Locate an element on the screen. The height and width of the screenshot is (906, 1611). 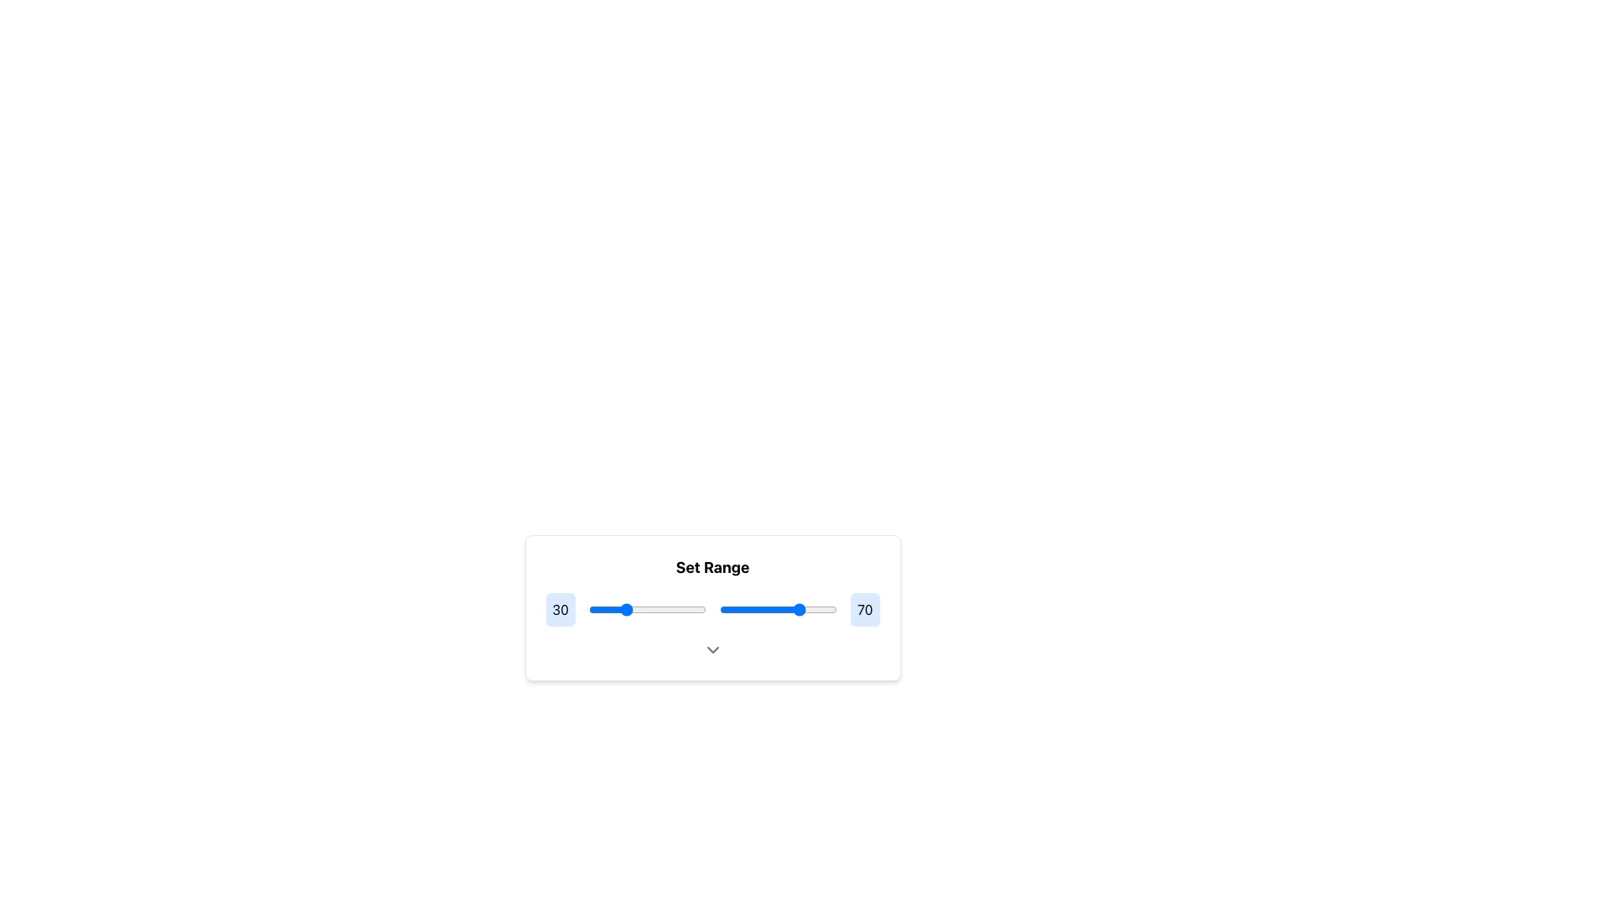
the start value of the range slider is located at coordinates (704, 609).